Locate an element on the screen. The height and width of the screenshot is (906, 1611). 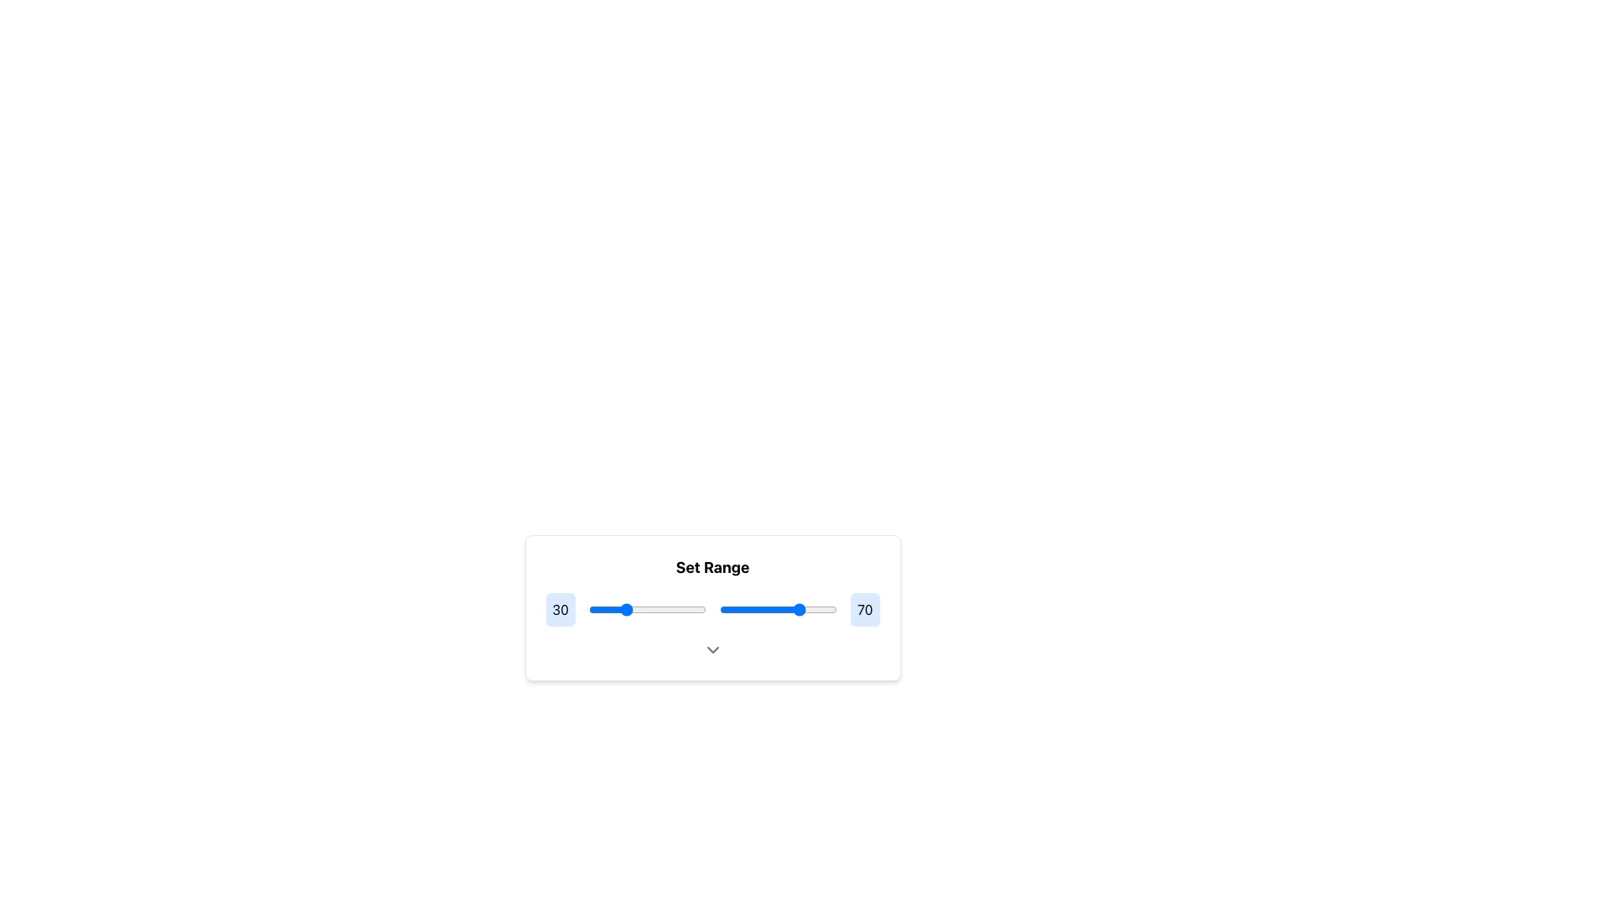
the start value of the range slider is located at coordinates (704, 609).